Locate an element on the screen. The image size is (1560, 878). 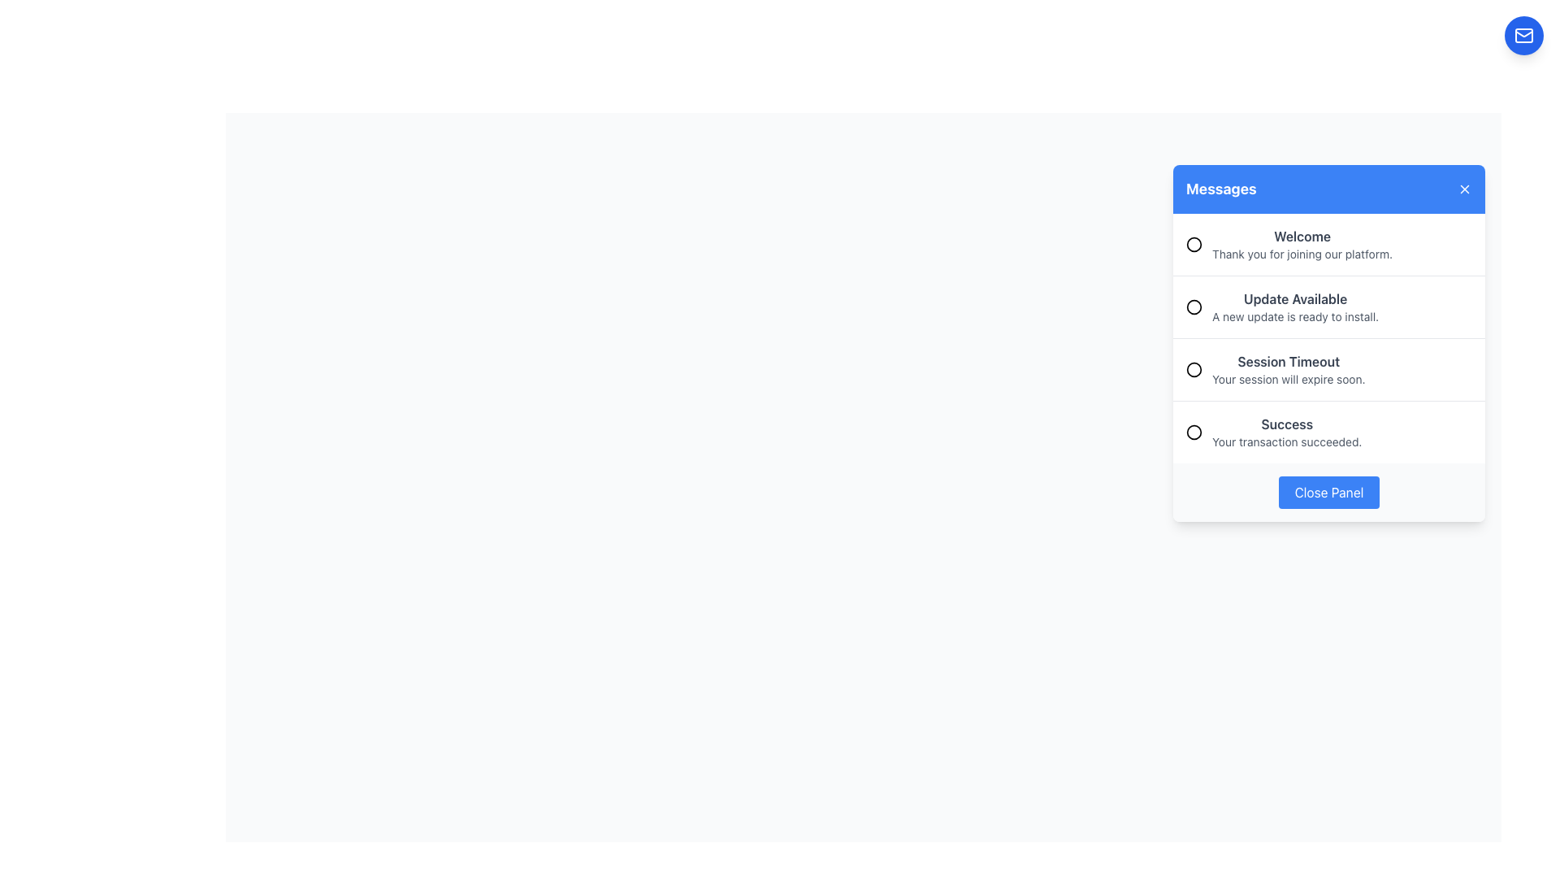
the static text expressing gratitude to the user for joining the platform, located in the dialog box titled 'Messages', underneath the 'Welcome' text is located at coordinates (1302, 254).